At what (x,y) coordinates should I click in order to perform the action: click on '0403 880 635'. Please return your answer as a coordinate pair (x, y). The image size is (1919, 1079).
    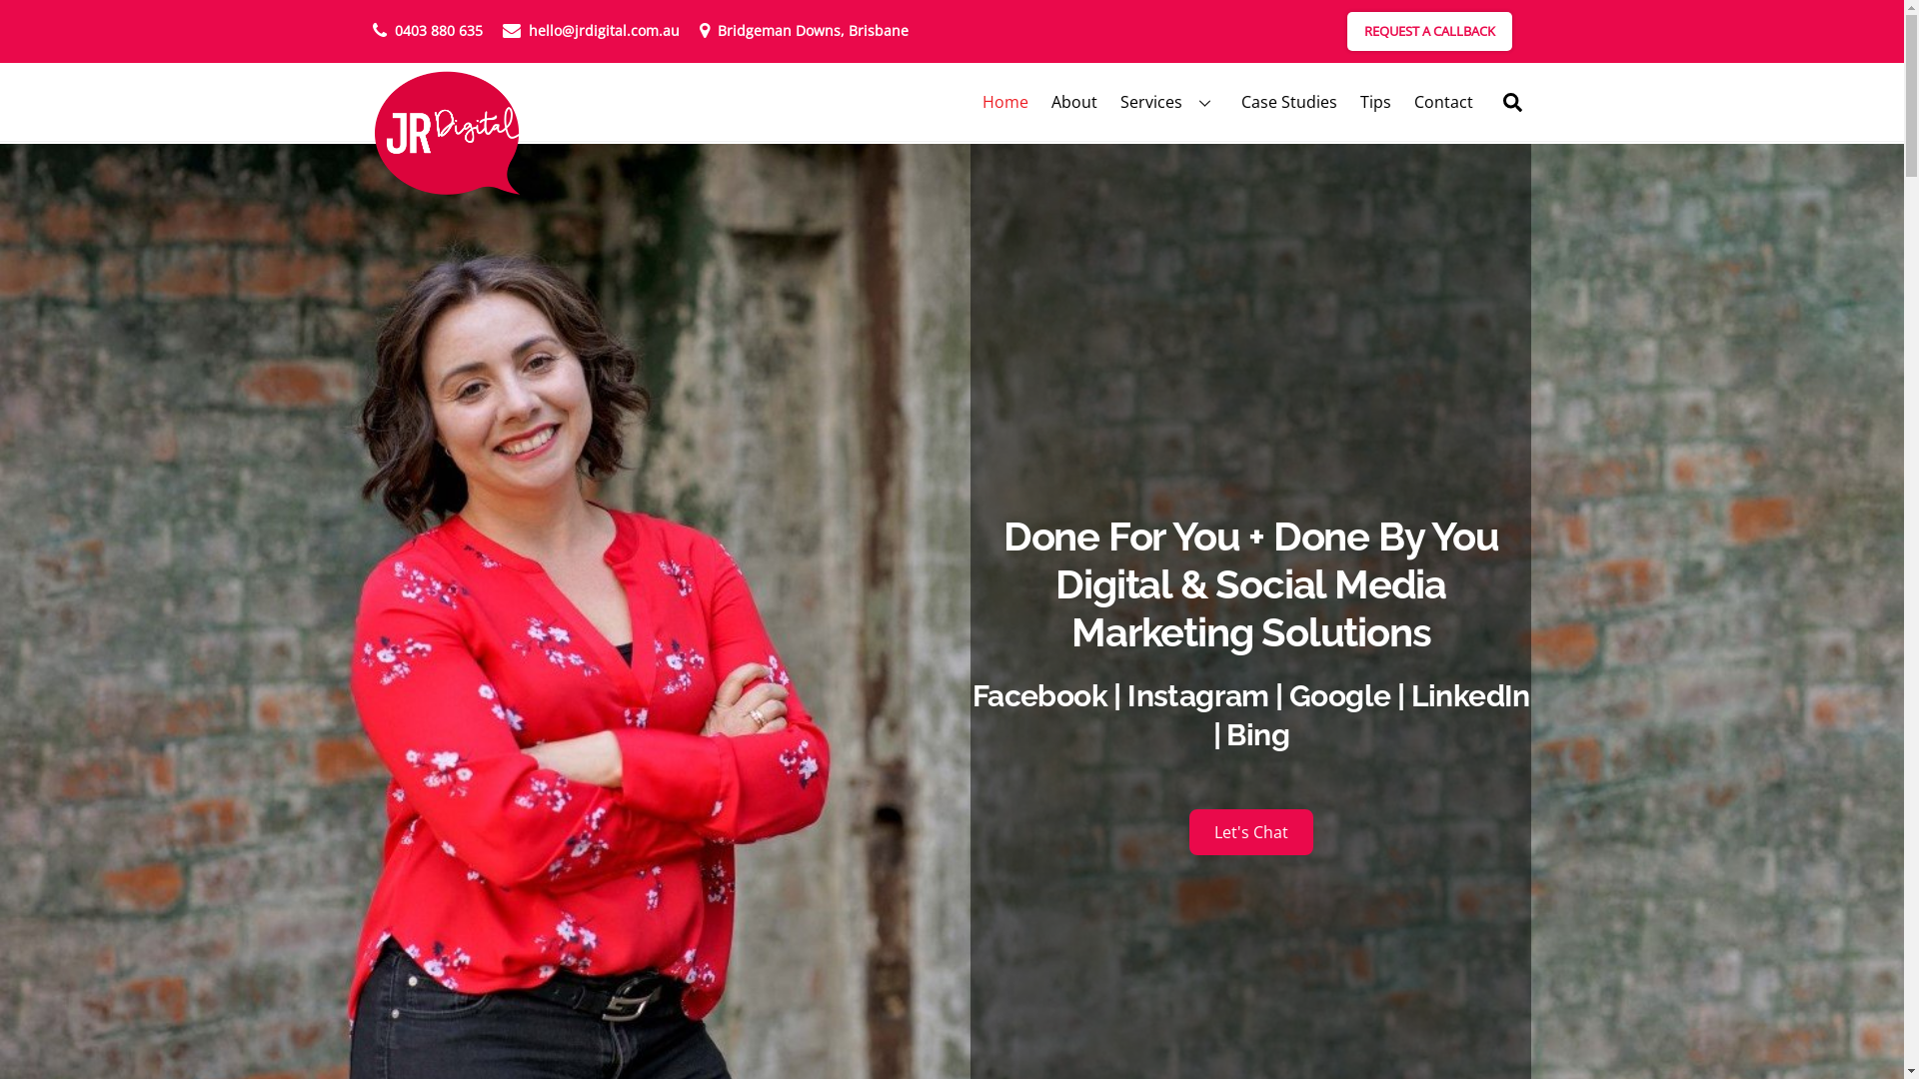
    Looking at the image, I should click on (426, 30).